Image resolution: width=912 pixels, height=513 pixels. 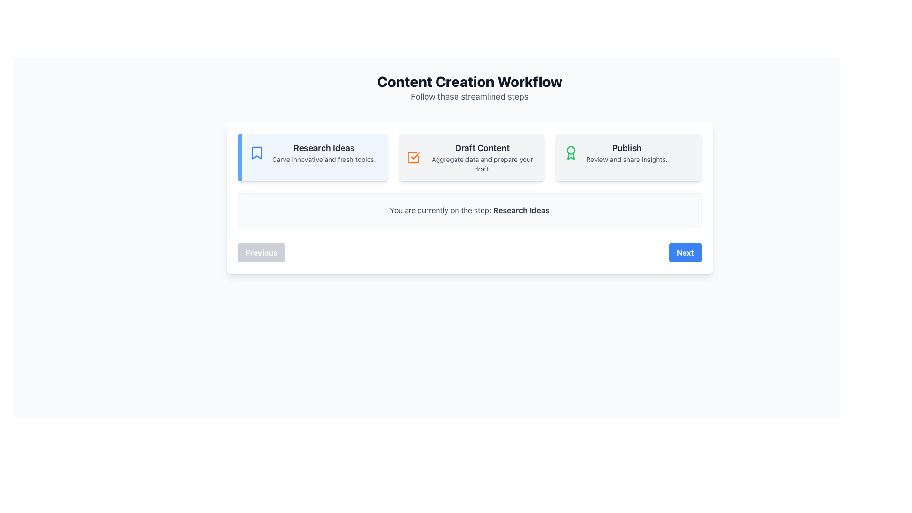 I want to click on the 'Next' button, which is a rectangular button with bold white text on a blue background, located at the bottom-right corner of the form, so click(x=685, y=252).